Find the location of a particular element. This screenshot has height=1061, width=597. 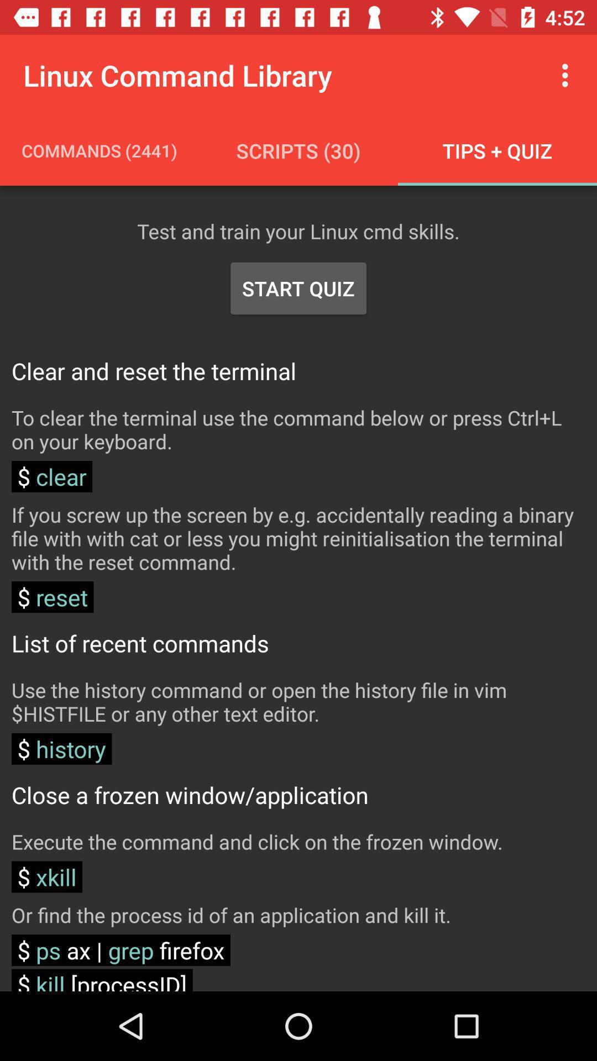

item above clear and reset is located at coordinates (298, 288).